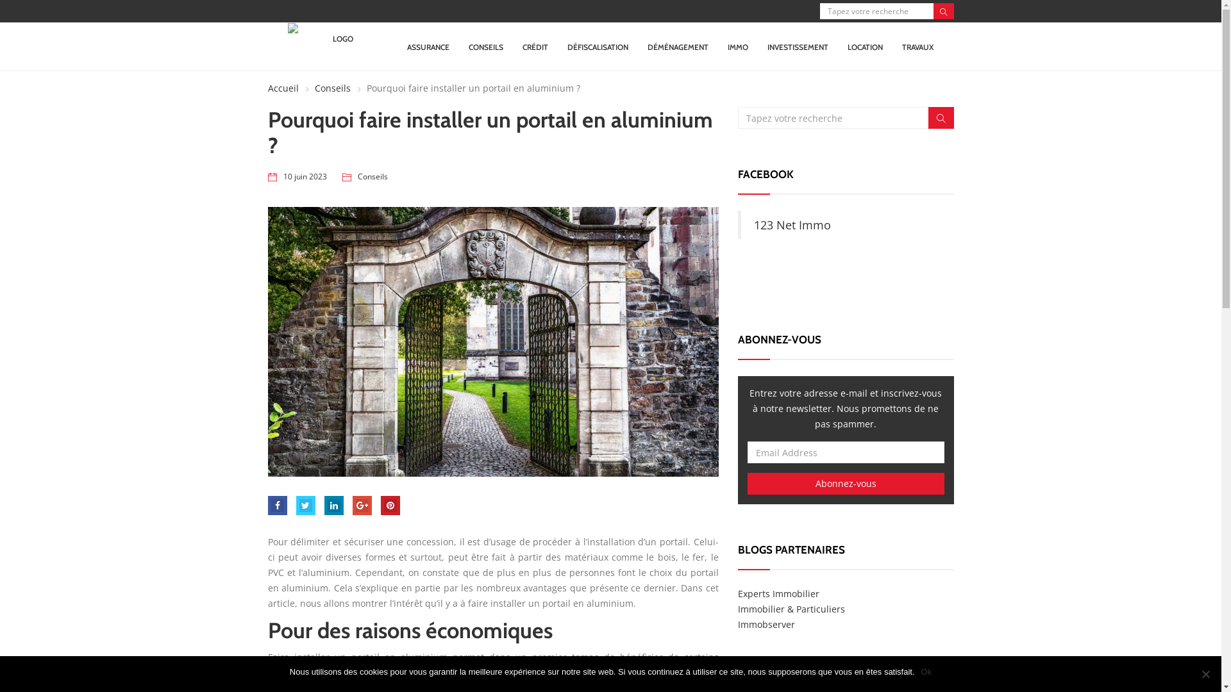 This screenshot has width=1231, height=692. What do you see at coordinates (917, 46) in the screenshot?
I see `'TRAVAUX'` at bounding box center [917, 46].